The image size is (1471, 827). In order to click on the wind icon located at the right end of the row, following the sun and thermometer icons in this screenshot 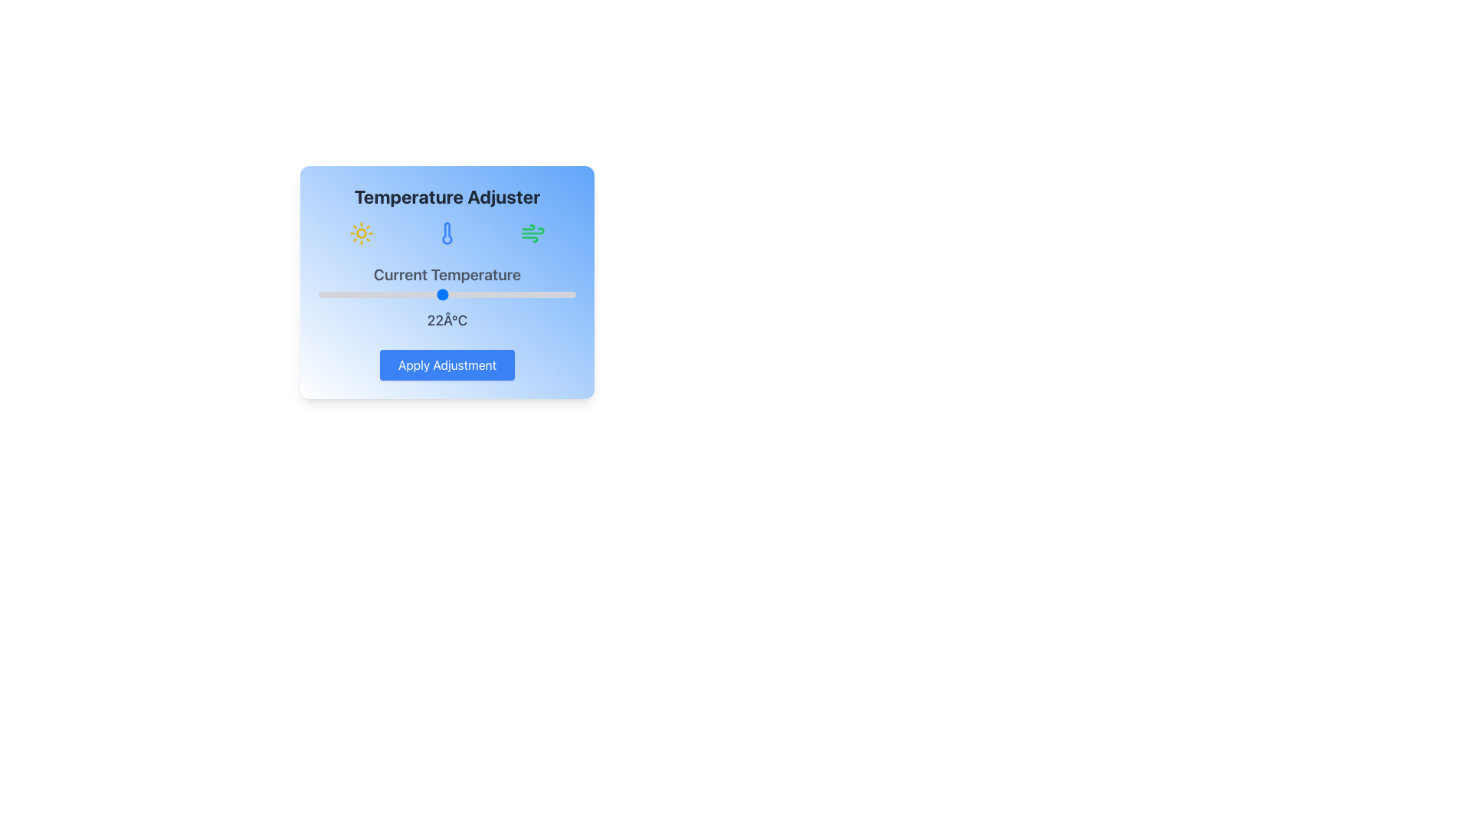, I will do `click(533, 233)`.